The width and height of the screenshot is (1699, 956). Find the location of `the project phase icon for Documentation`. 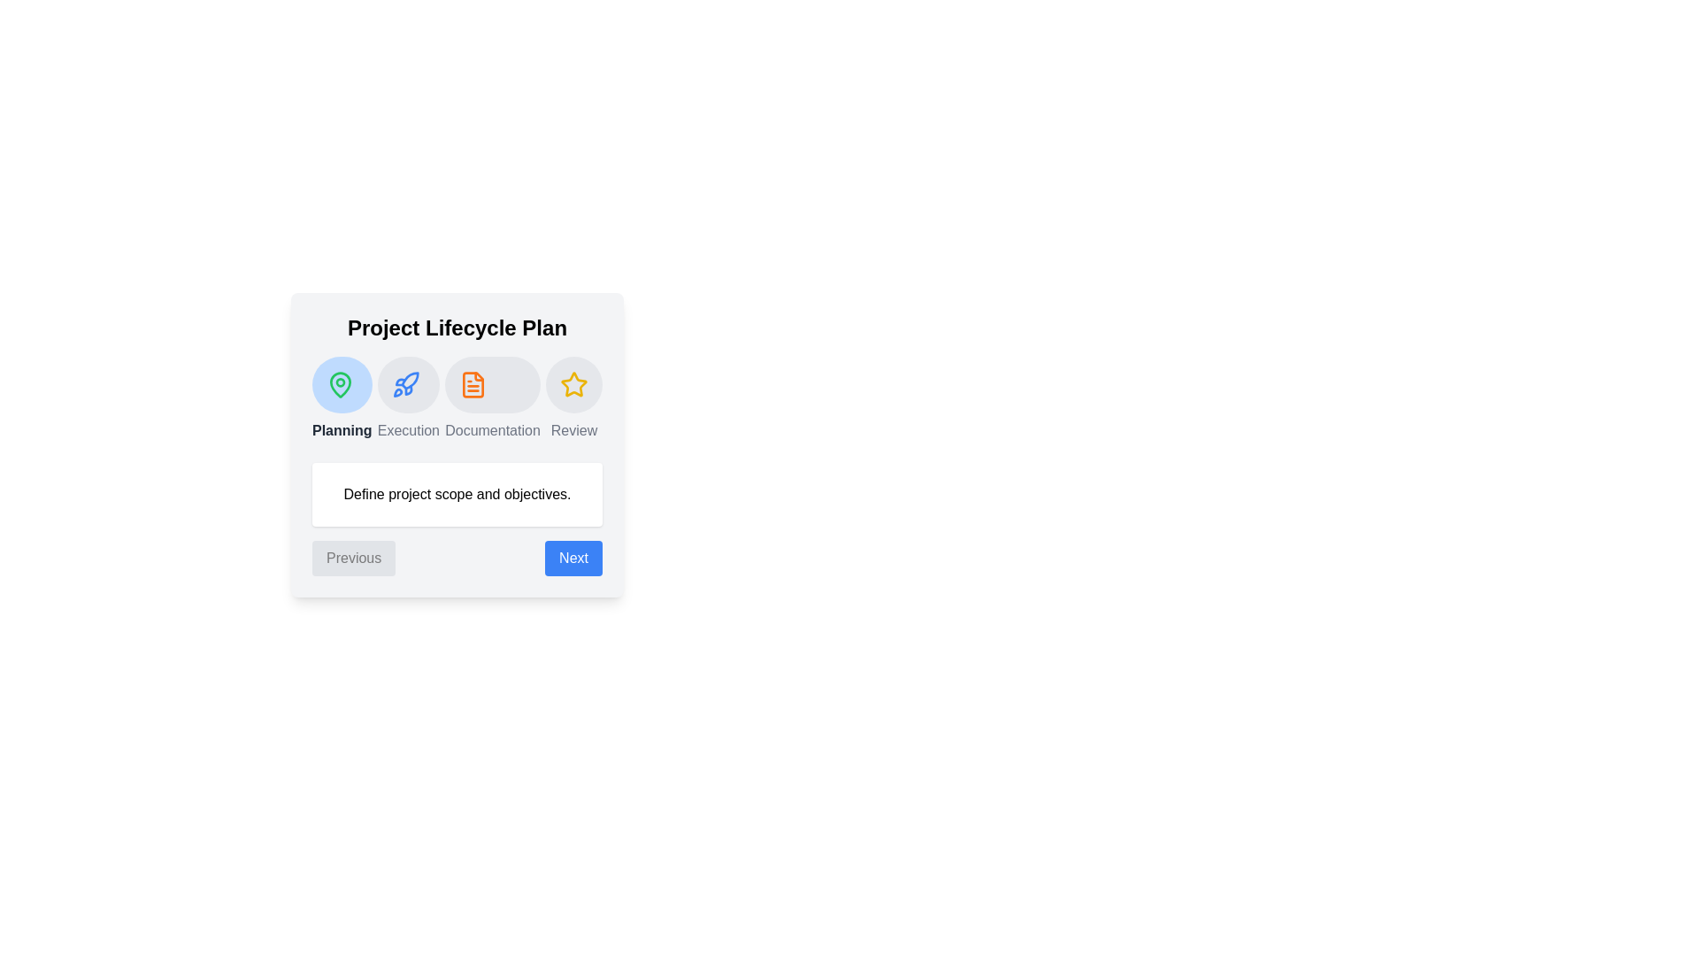

the project phase icon for Documentation is located at coordinates (492, 384).